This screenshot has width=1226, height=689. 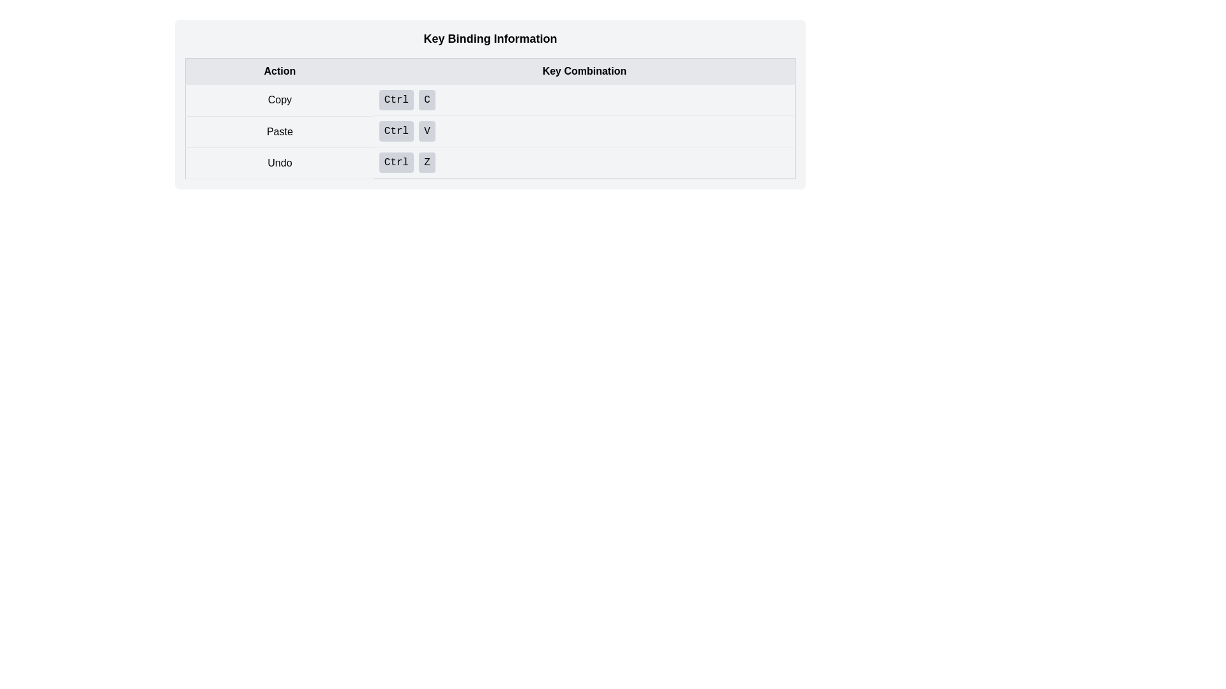 I want to click on the 'V' button in the Key Combination column, which is used for the Paste operation, so click(x=427, y=131).